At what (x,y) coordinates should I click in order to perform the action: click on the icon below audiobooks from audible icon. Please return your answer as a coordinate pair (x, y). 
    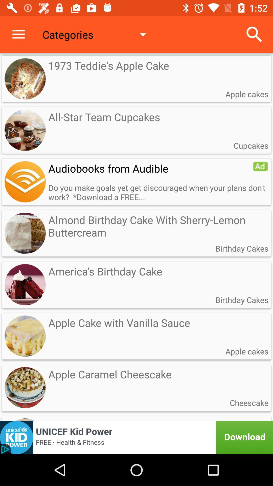
    Looking at the image, I should click on (158, 192).